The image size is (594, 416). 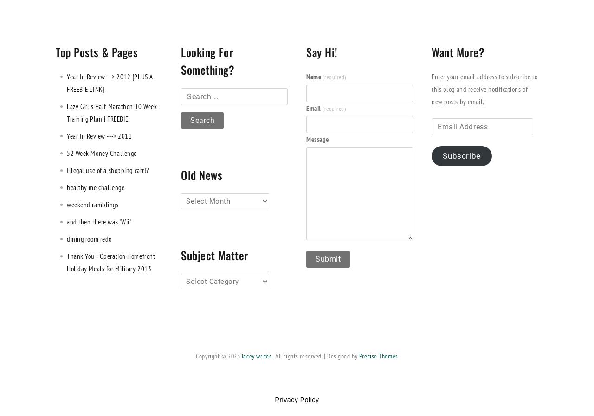 What do you see at coordinates (241, 356) in the screenshot?
I see `'lacey writes.'` at bounding box center [241, 356].